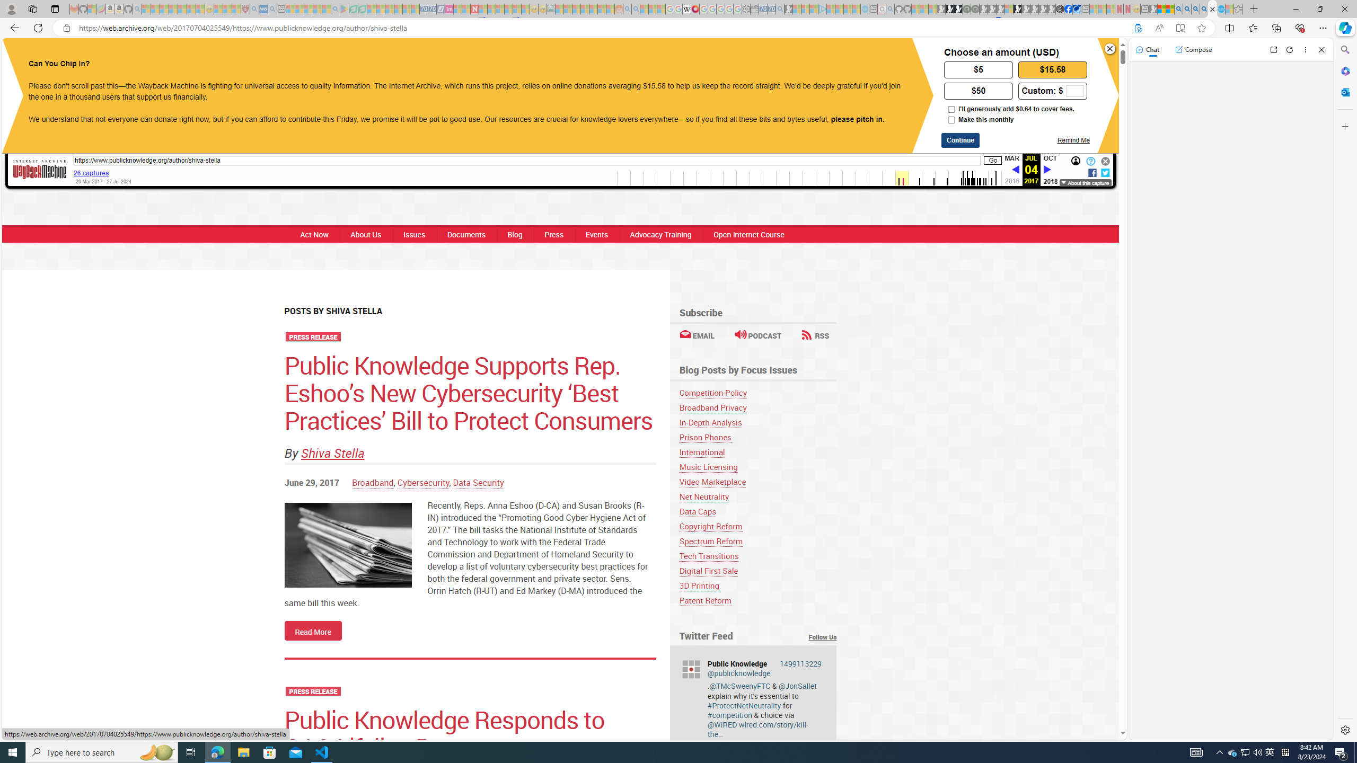 The width and height of the screenshot is (1357, 763). I want to click on 'About Us', so click(366, 234).